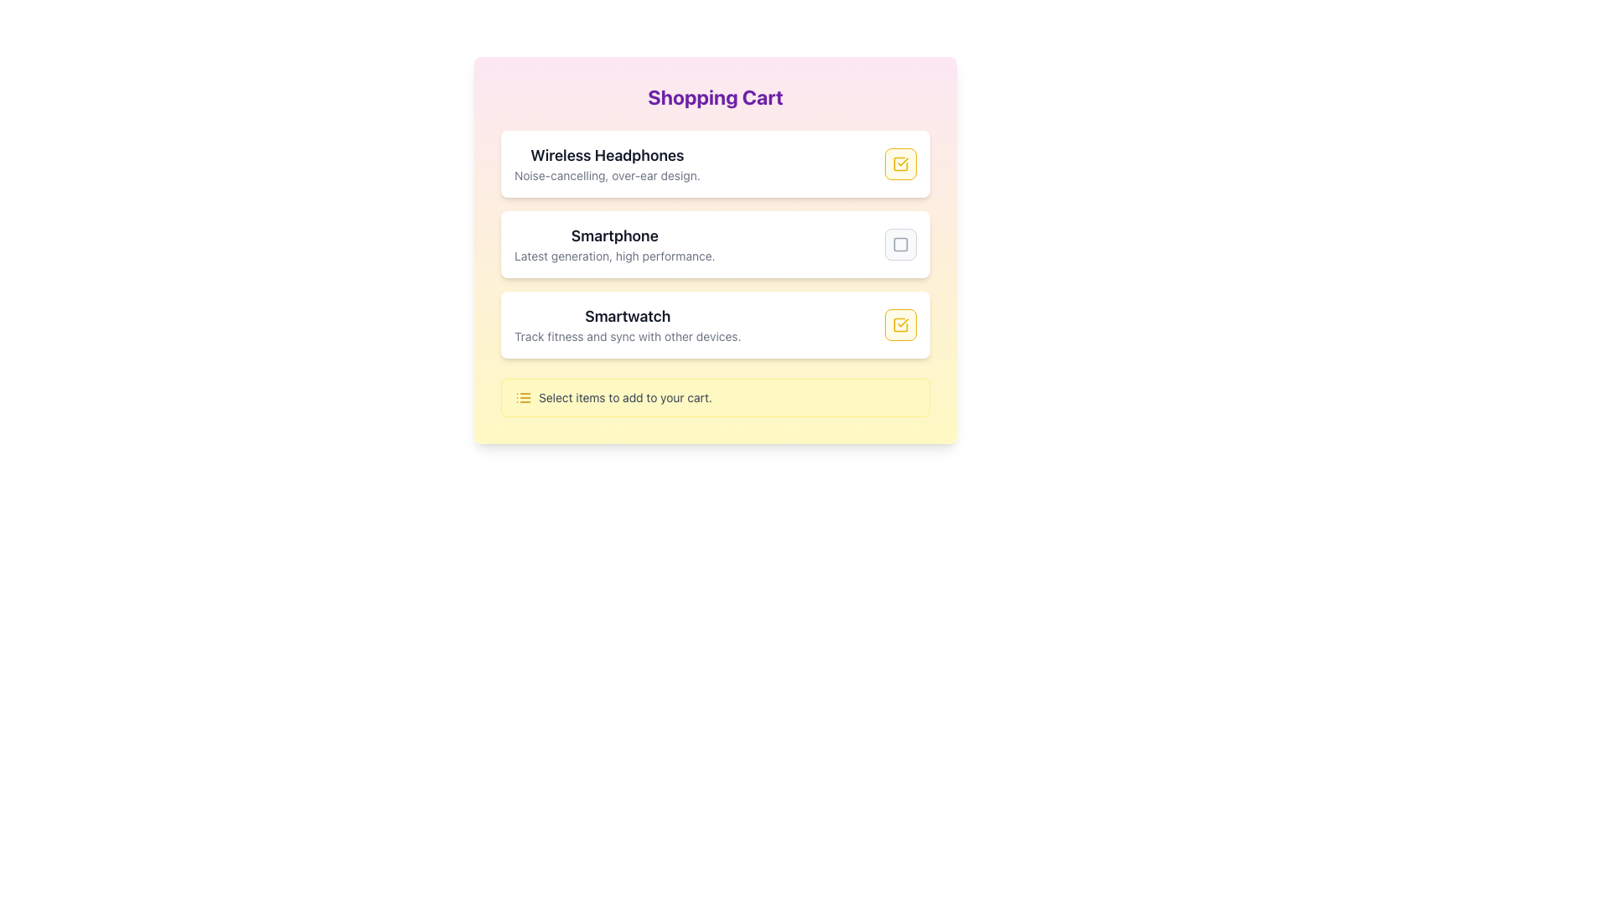 This screenshot has width=1609, height=905. Describe the element at coordinates (900, 325) in the screenshot. I see `the checkbox located` at that location.